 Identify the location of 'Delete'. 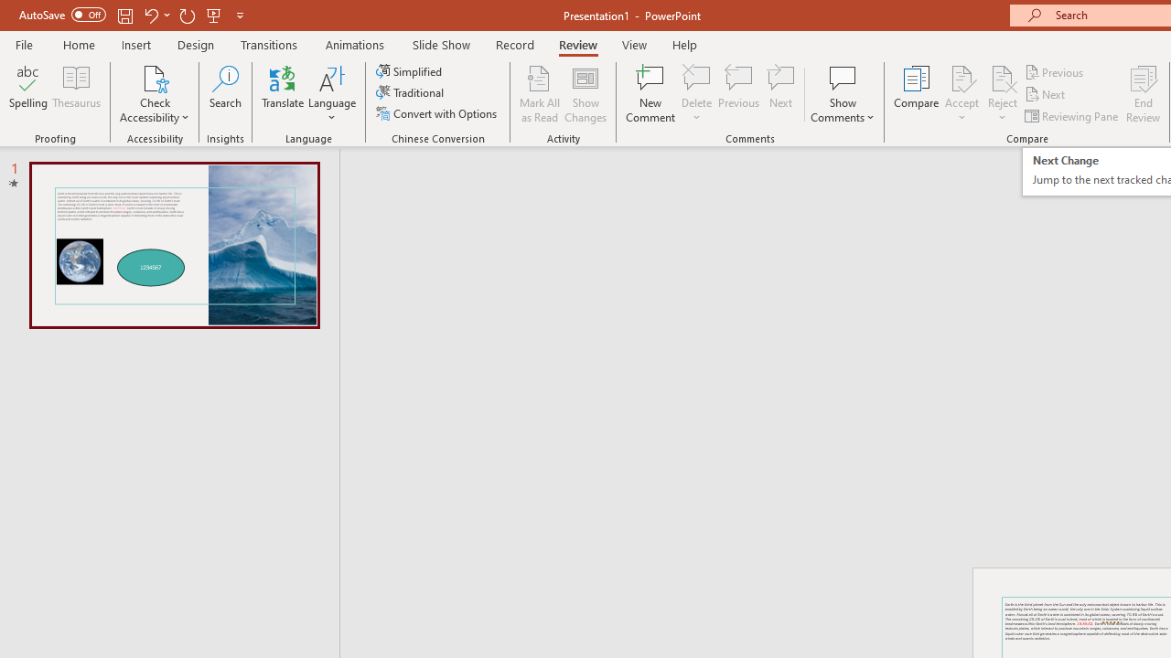
(696, 94).